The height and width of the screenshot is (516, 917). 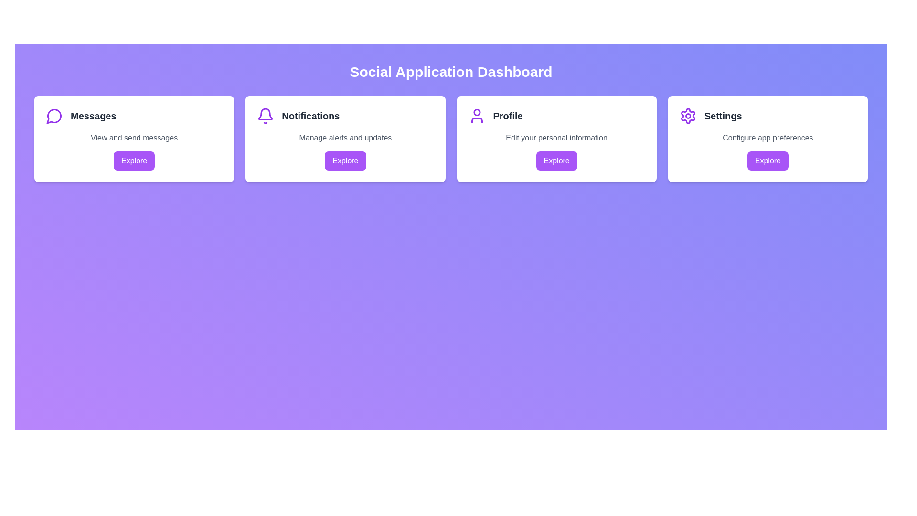 I want to click on the 'Notifications' text label, which is styled with a bold font weight and dark gray color, located in the second card from the left, positioned near the top of the card to the right of a purple bell icon, so click(x=310, y=116).